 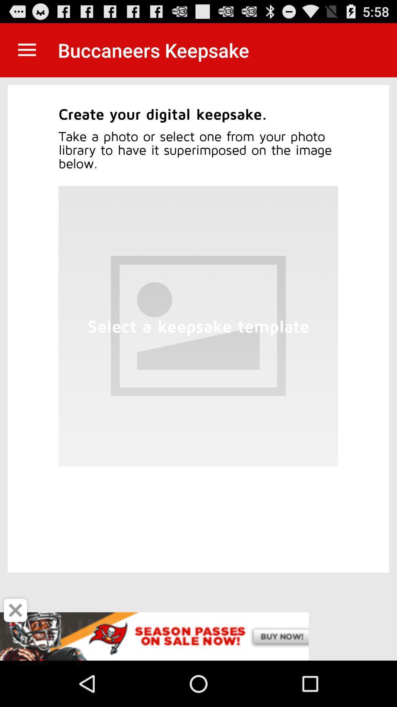 What do you see at coordinates (198, 636) in the screenshot?
I see `advertisement` at bounding box center [198, 636].